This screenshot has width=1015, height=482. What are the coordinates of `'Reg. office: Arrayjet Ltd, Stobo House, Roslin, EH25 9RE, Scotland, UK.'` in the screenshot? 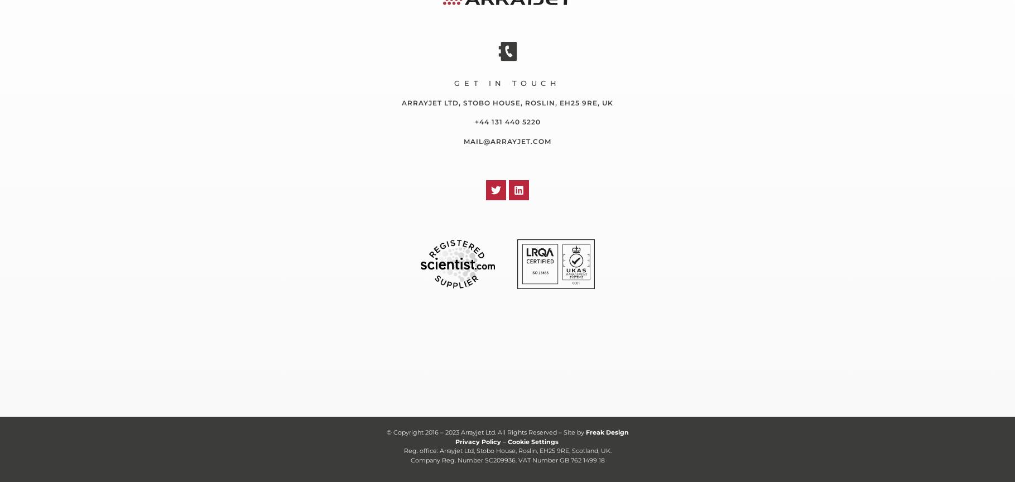 It's located at (403, 450).